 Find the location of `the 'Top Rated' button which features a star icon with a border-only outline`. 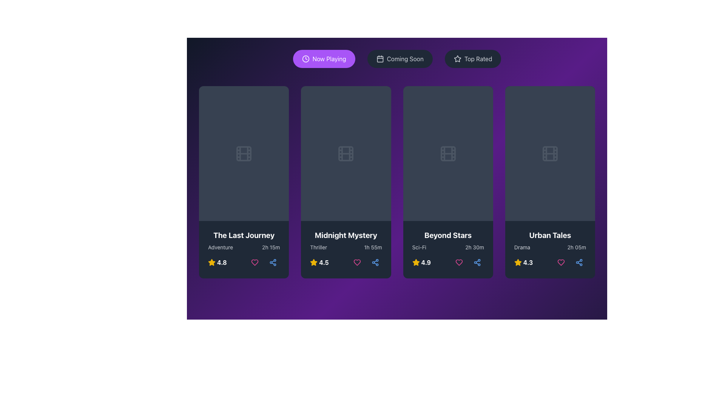

the 'Top Rated' button which features a star icon with a border-only outline is located at coordinates (457, 58).